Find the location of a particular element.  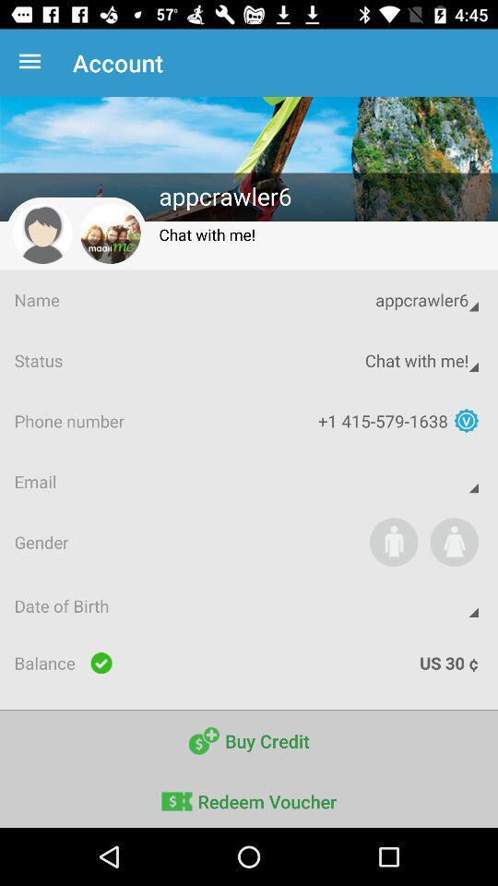

the redeem voucher item is located at coordinates (249, 798).